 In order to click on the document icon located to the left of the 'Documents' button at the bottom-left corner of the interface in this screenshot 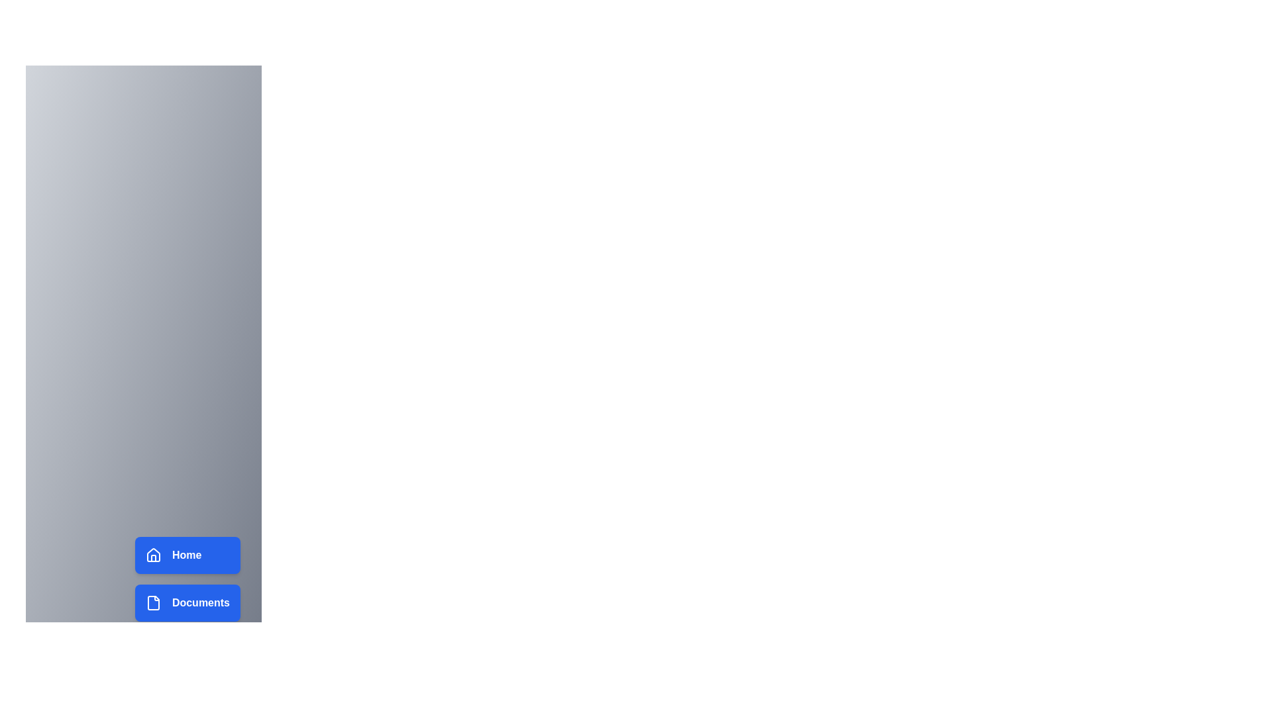, I will do `click(153, 602)`.